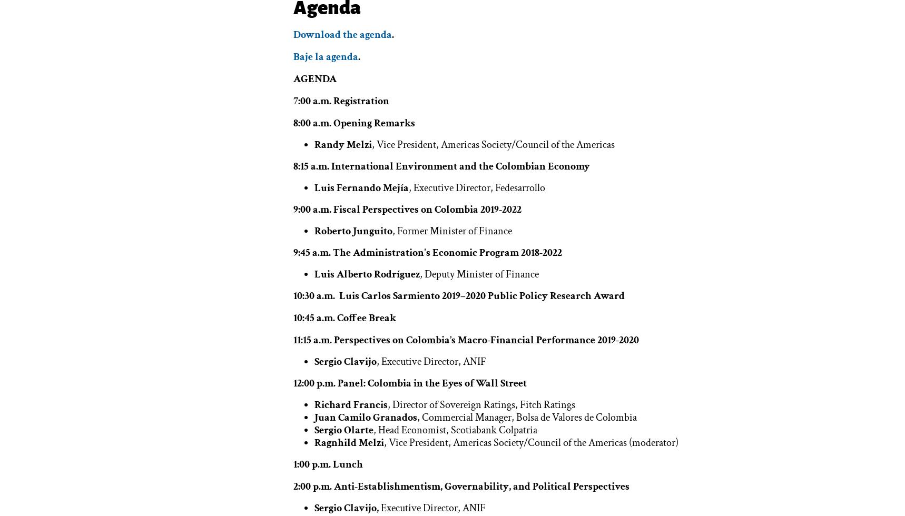 This screenshot has width=905, height=516. What do you see at coordinates (292, 317) in the screenshot?
I see `'10:45 a.m. Coffee Break'` at bounding box center [292, 317].